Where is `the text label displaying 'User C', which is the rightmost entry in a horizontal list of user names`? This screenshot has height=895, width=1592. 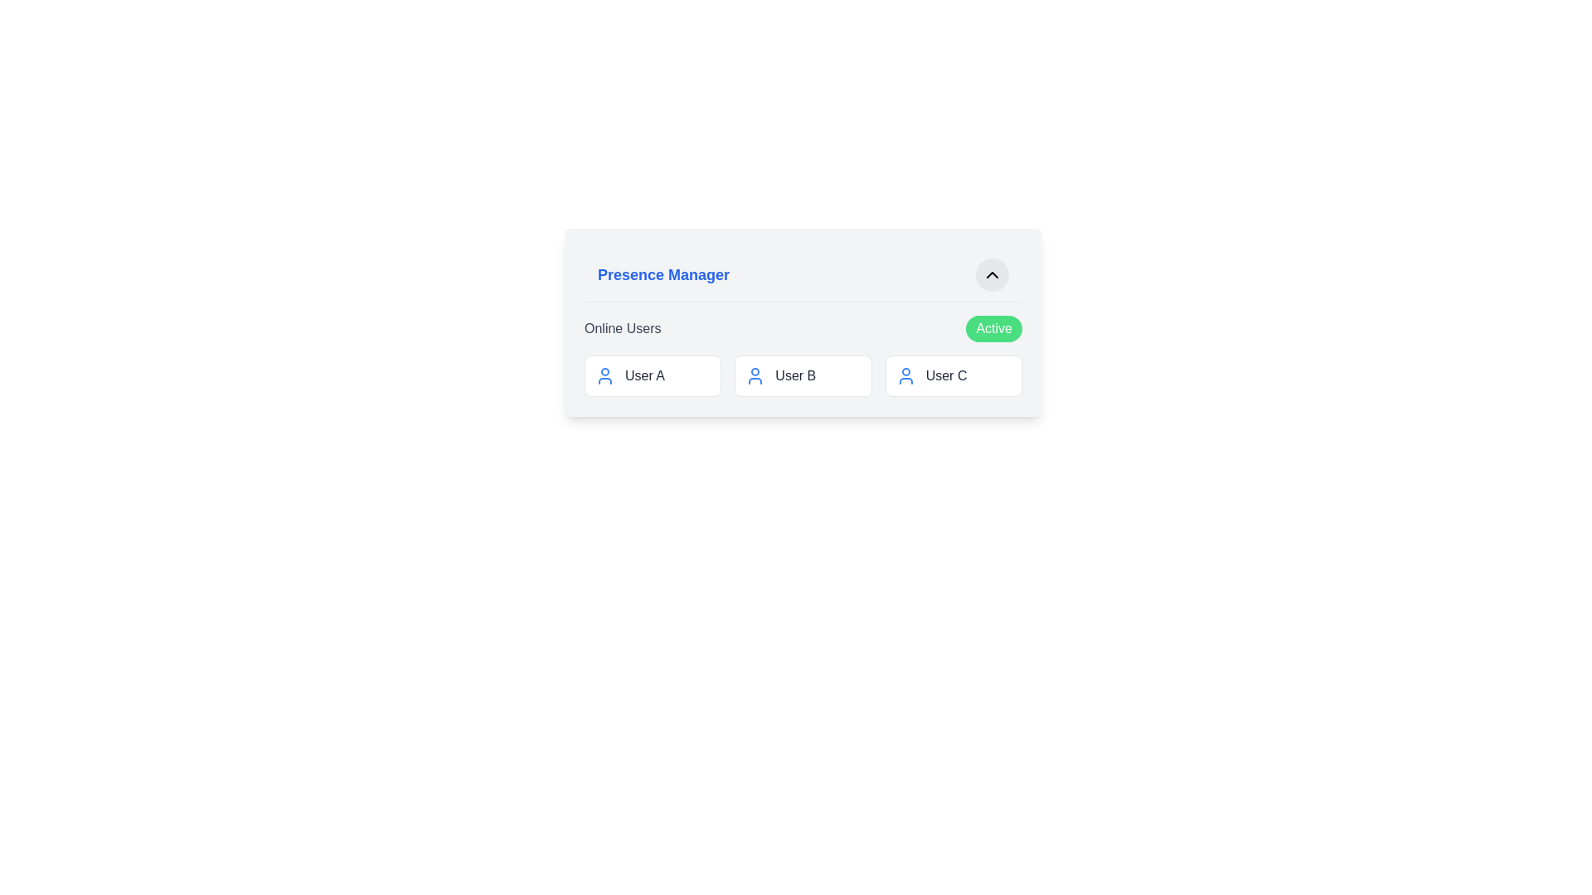 the text label displaying 'User C', which is the rightmost entry in a horizontal list of user names is located at coordinates (946, 376).